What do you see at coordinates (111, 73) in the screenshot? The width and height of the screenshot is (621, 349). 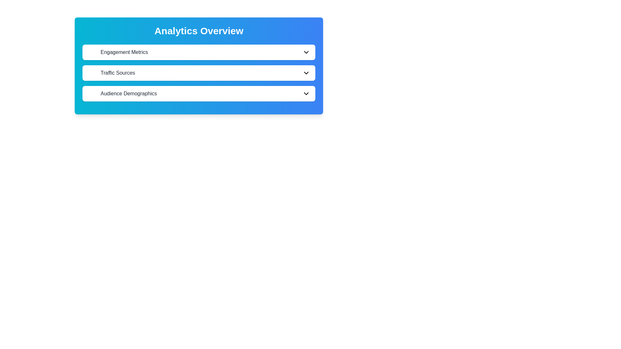 I see `the 'Traffic Source Analytics' text label located in the center panel, specifically in the second row` at bounding box center [111, 73].